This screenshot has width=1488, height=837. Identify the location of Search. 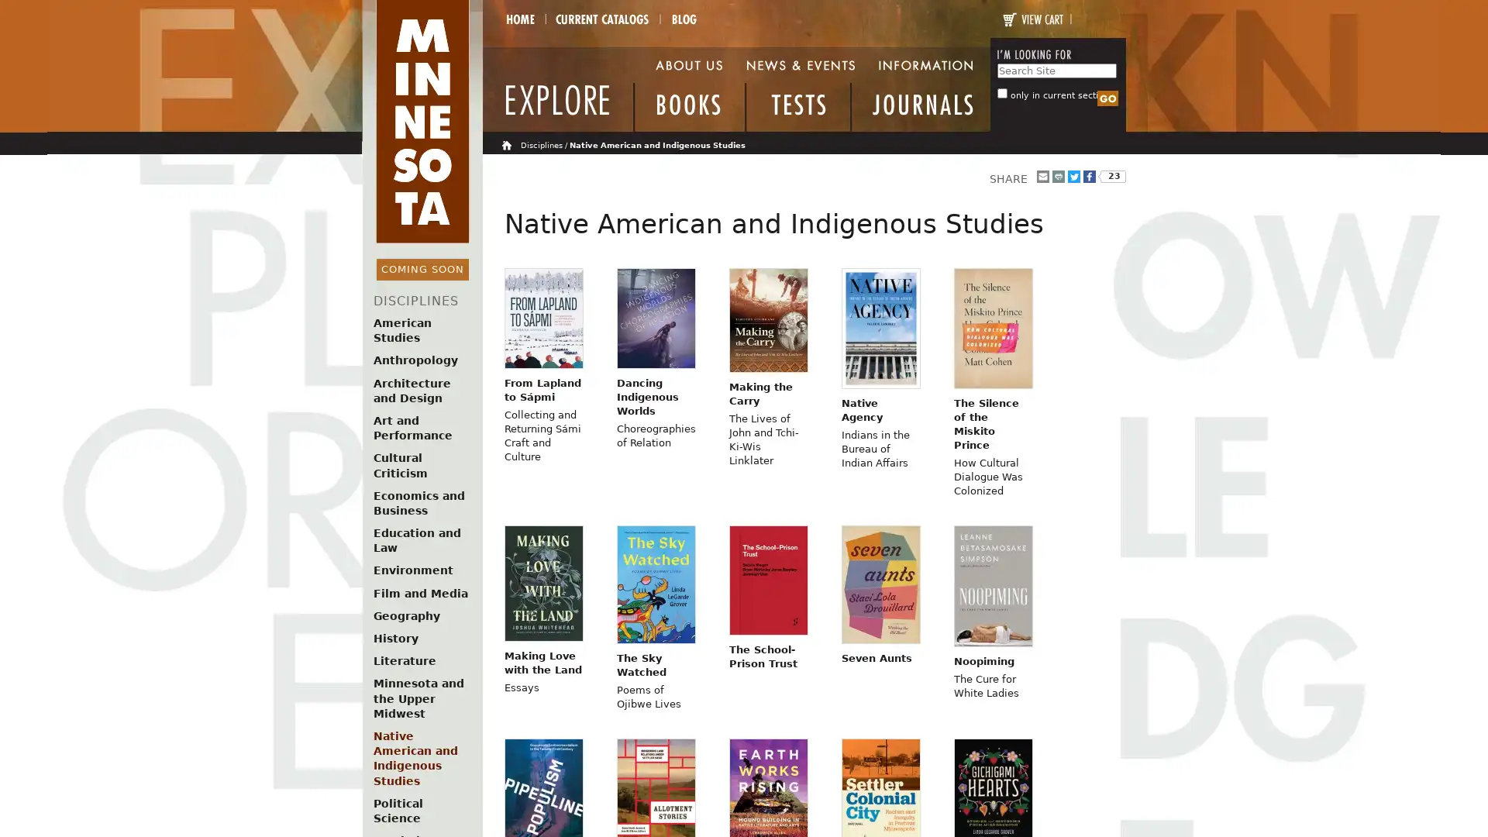
(1107, 98).